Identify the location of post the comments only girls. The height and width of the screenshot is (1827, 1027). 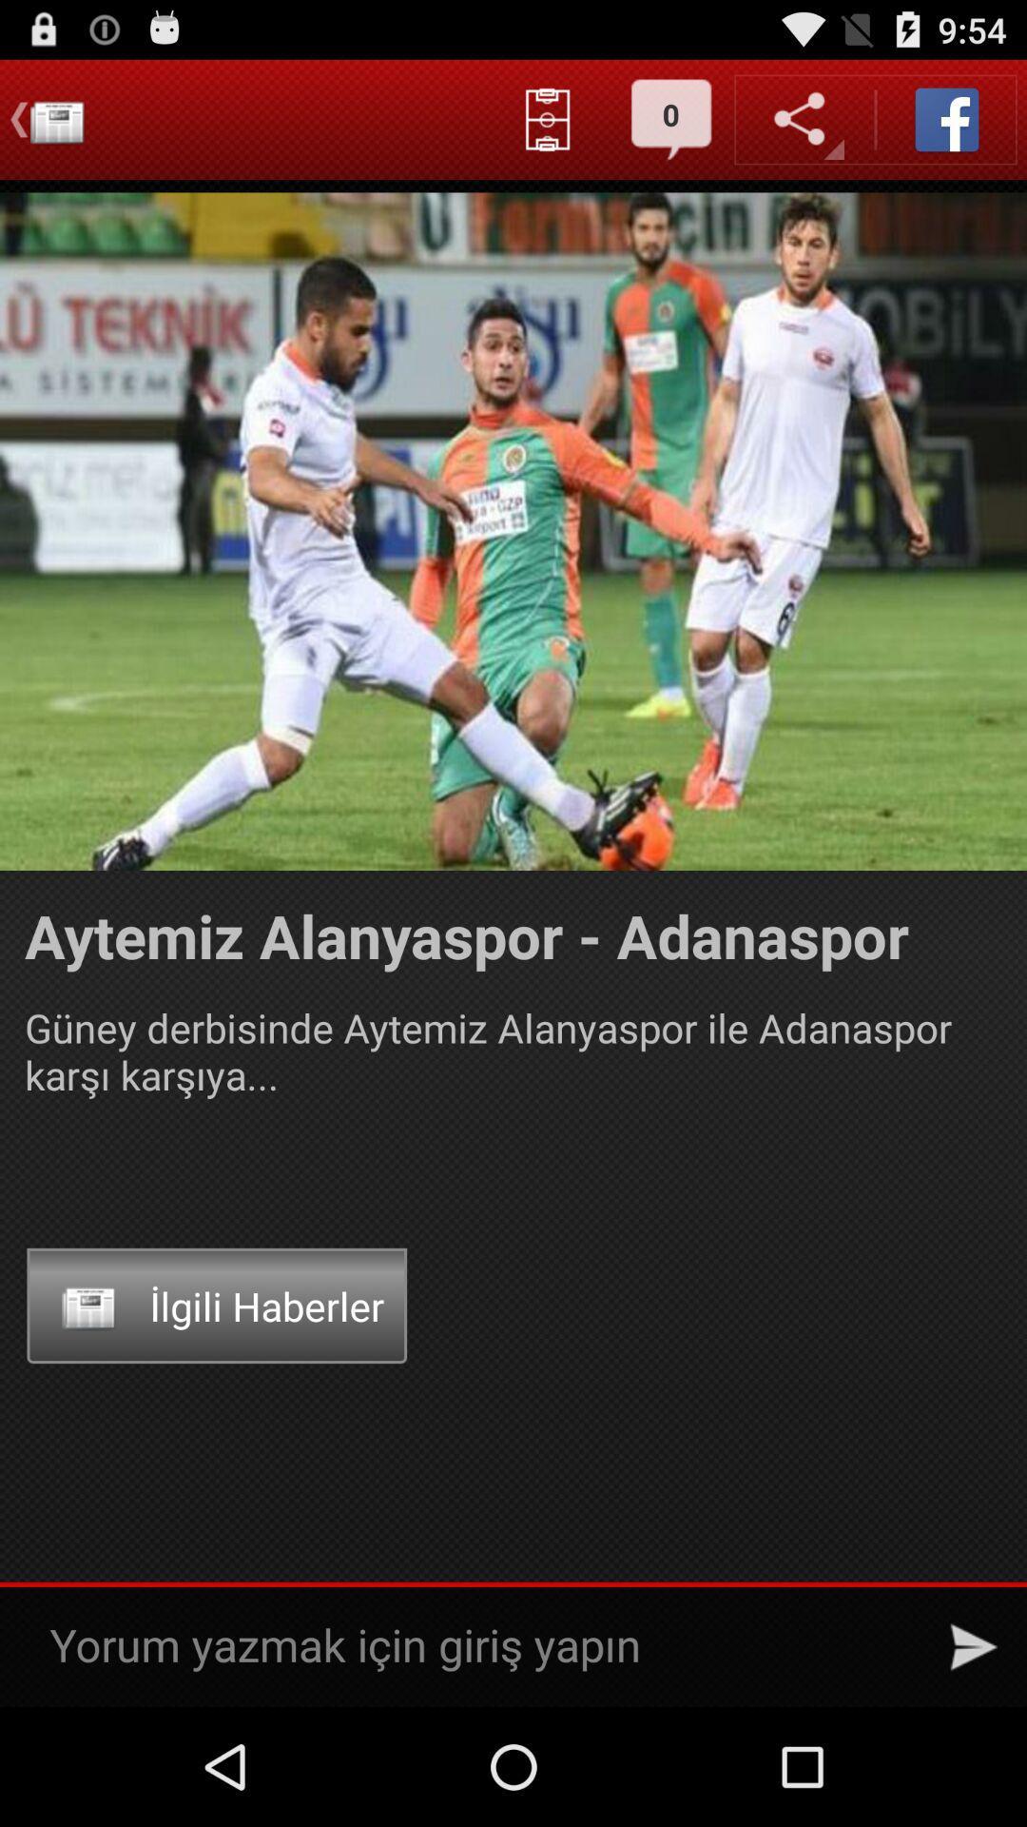
(478, 1646).